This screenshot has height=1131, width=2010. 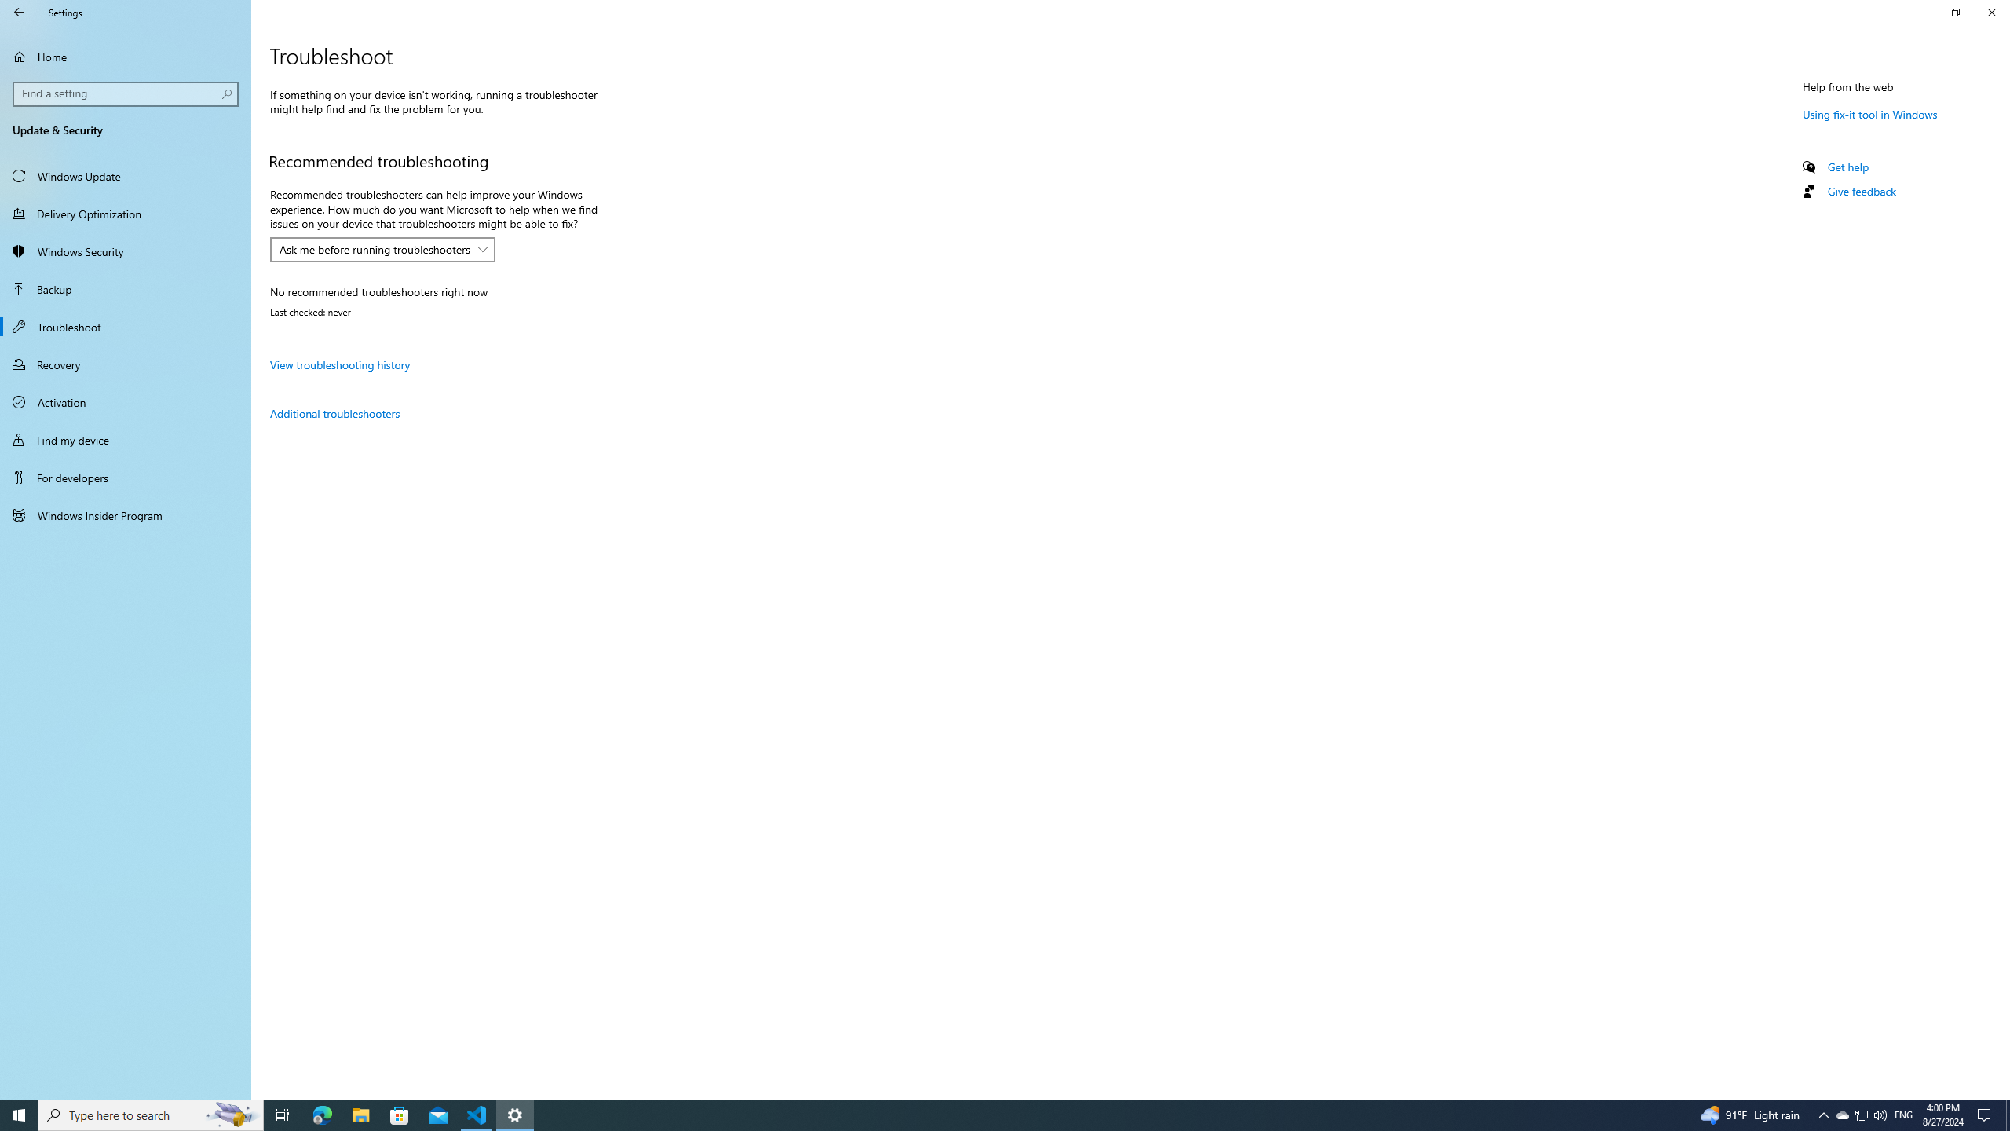 What do you see at coordinates (125, 514) in the screenshot?
I see `'Windows Insider Program'` at bounding box center [125, 514].